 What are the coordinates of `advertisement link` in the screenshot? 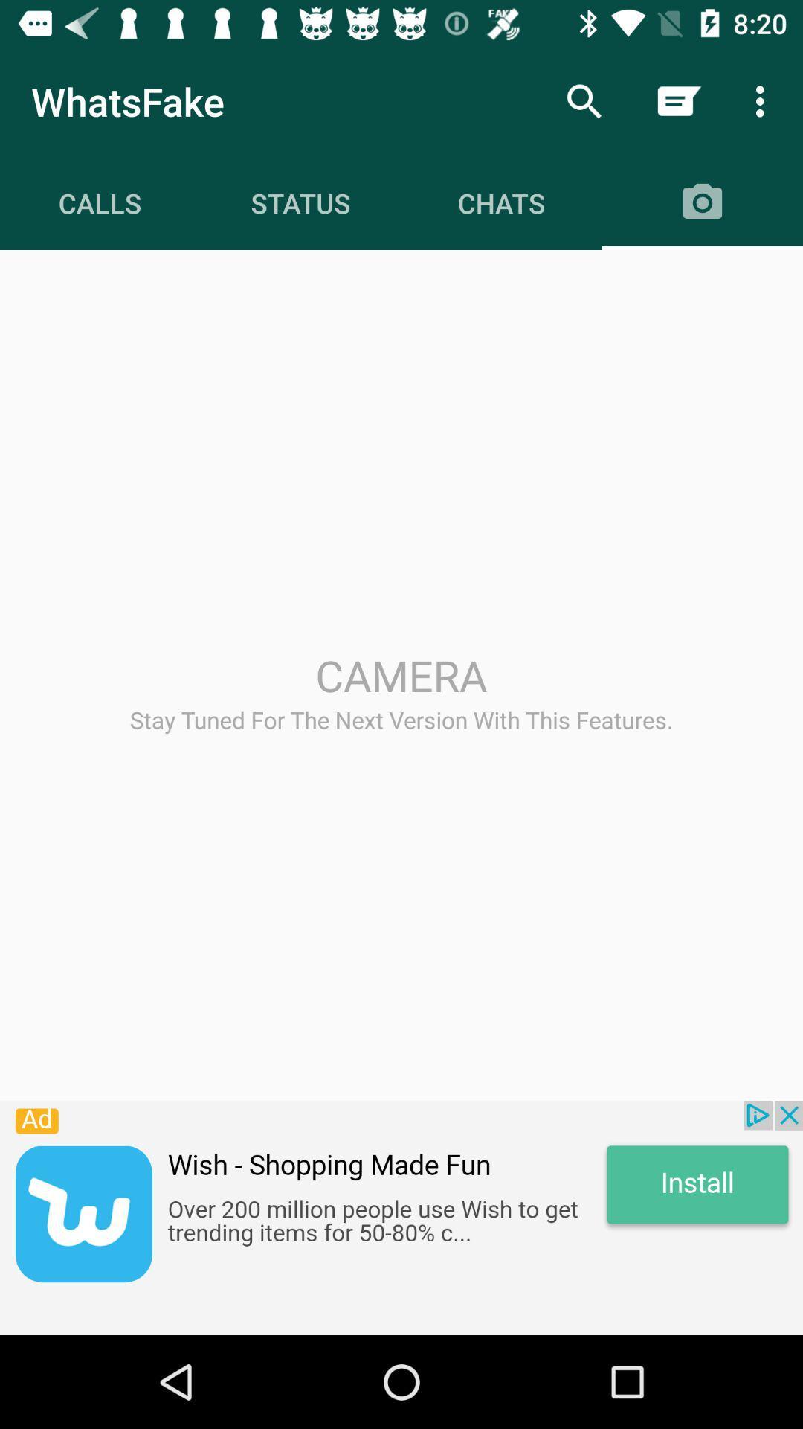 It's located at (401, 1218).